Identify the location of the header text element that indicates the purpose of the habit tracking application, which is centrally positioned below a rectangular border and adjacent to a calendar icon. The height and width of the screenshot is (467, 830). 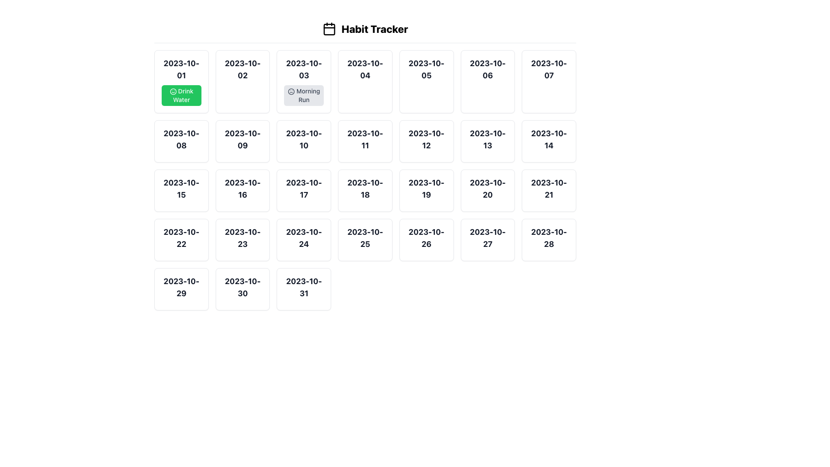
(365, 28).